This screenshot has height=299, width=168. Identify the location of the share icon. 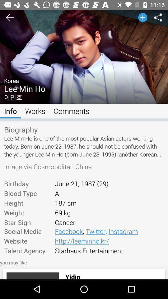
(158, 17).